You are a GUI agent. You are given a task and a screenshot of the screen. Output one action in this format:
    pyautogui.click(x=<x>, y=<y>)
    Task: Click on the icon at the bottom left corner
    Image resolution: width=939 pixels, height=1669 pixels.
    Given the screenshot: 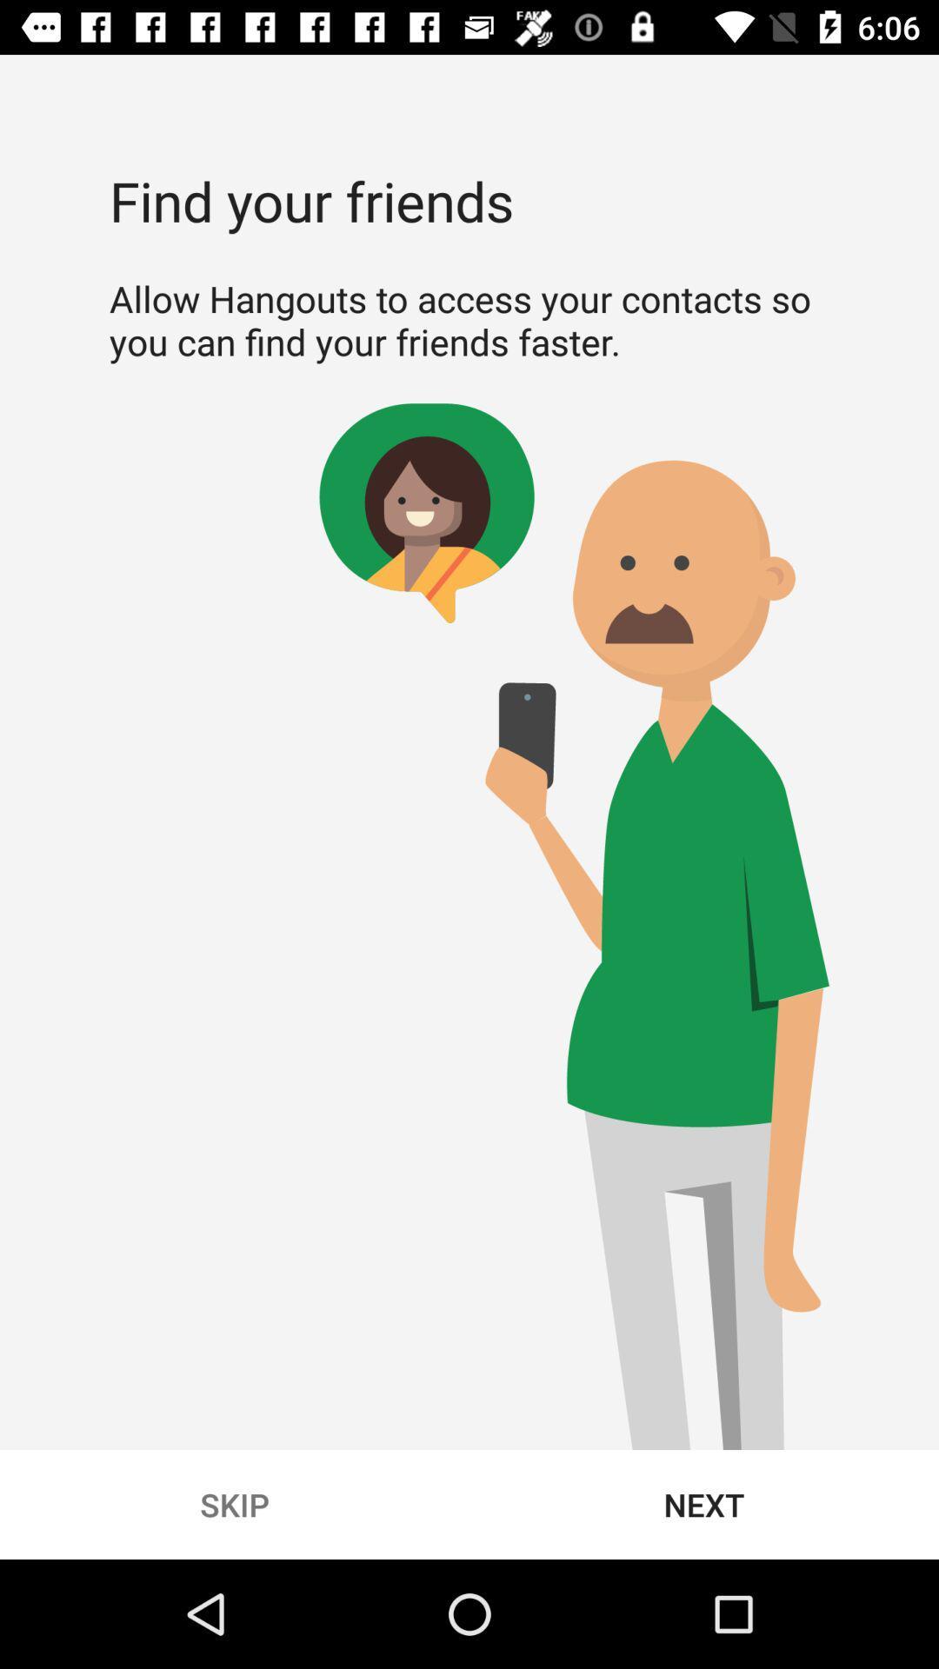 What is the action you would take?
    pyautogui.click(x=235, y=1504)
    